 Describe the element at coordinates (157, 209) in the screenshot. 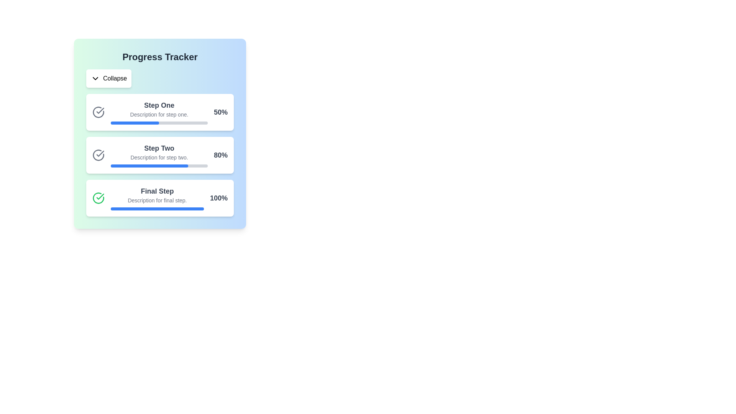

I see `the progress bar located beneath the text 'Description for final step.' in the final section of the progress tracker layout` at that location.